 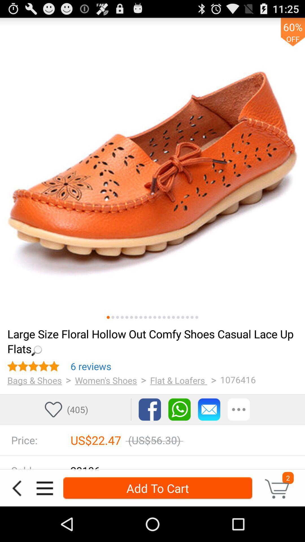 What do you see at coordinates (173, 317) in the screenshot?
I see `choose image to view` at bounding box center [173, 317].